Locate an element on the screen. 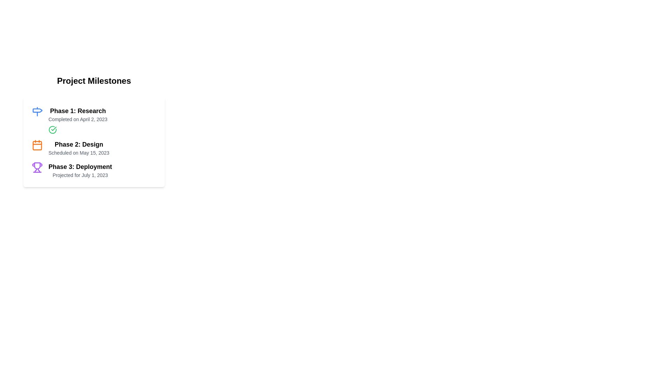 The height and width of the screenshot is (377, 670). the Text label that displays the completion date of 'Phase 1: Research', located below the header and above the green checkmark icon in the 'Project Milestones' card is located at coordinates (78, 119).